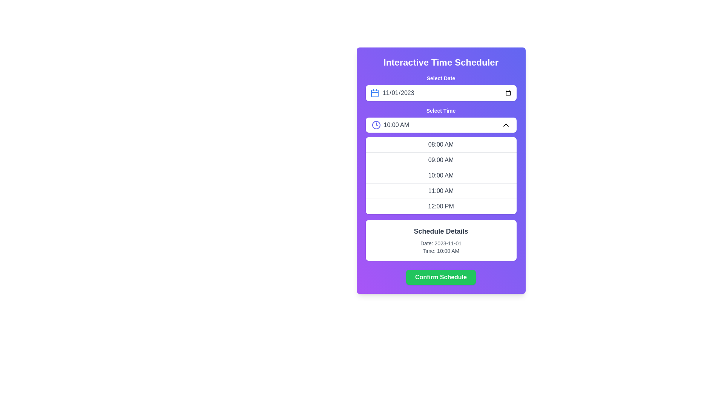 Image resolution: width=724 pixels, height=407 pixels. I want to click on the third selectable time option in the list, located between '09:00 AM' and '11:00 AM', so click(441, 175).